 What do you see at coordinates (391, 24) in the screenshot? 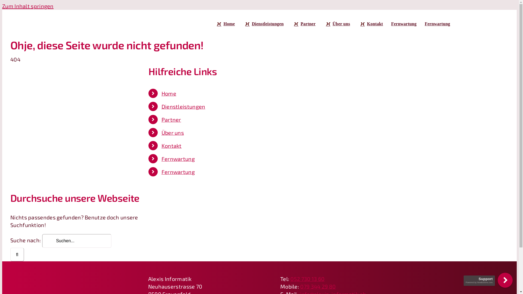
I see `'Fernwartung'` at bounding box center [391, 24].